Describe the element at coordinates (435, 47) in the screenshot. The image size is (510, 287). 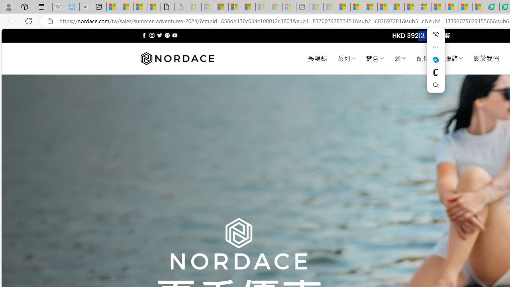
I see `'More actions'` at that location.